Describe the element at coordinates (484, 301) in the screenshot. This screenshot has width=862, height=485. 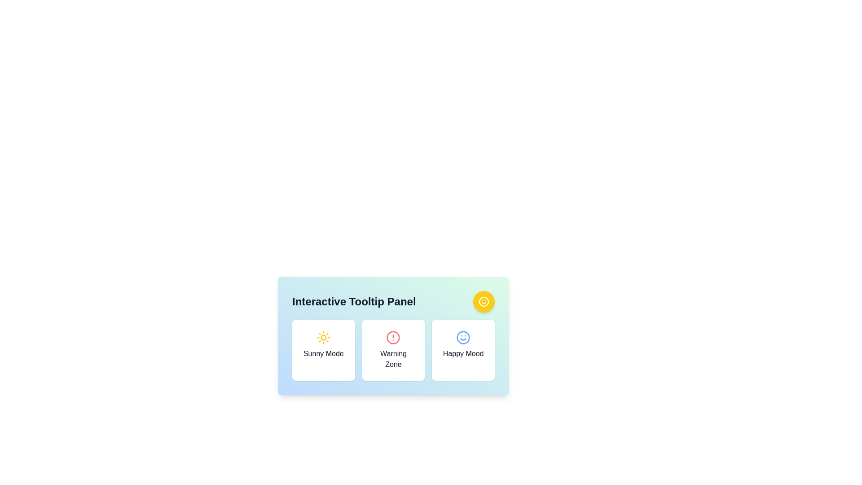
I see `the SVG circle element that is part of the smiling face icon located in the top-right corner of the 'Interactive Tooltip Panel'` at that location.